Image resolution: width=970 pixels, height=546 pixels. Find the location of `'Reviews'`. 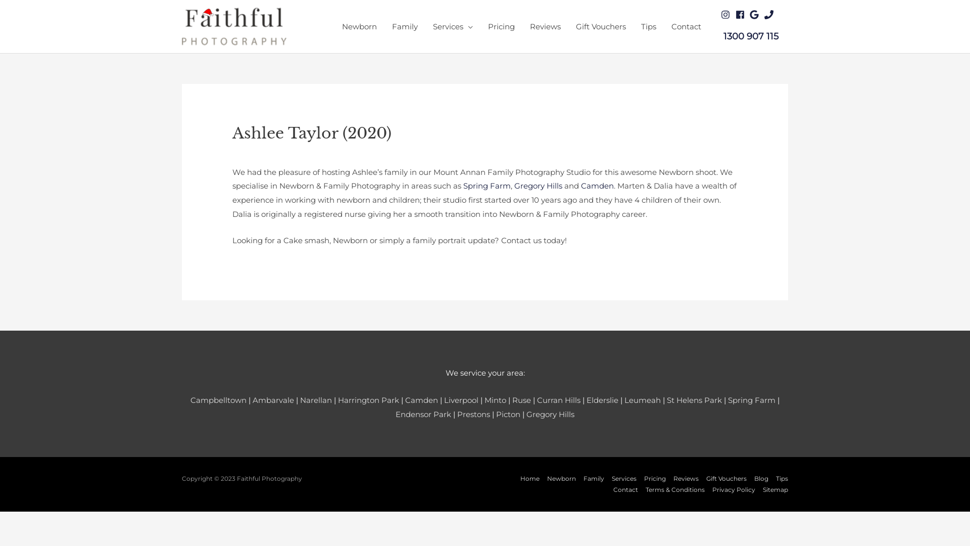

'Reviews' is located at coordinates (683, 478).